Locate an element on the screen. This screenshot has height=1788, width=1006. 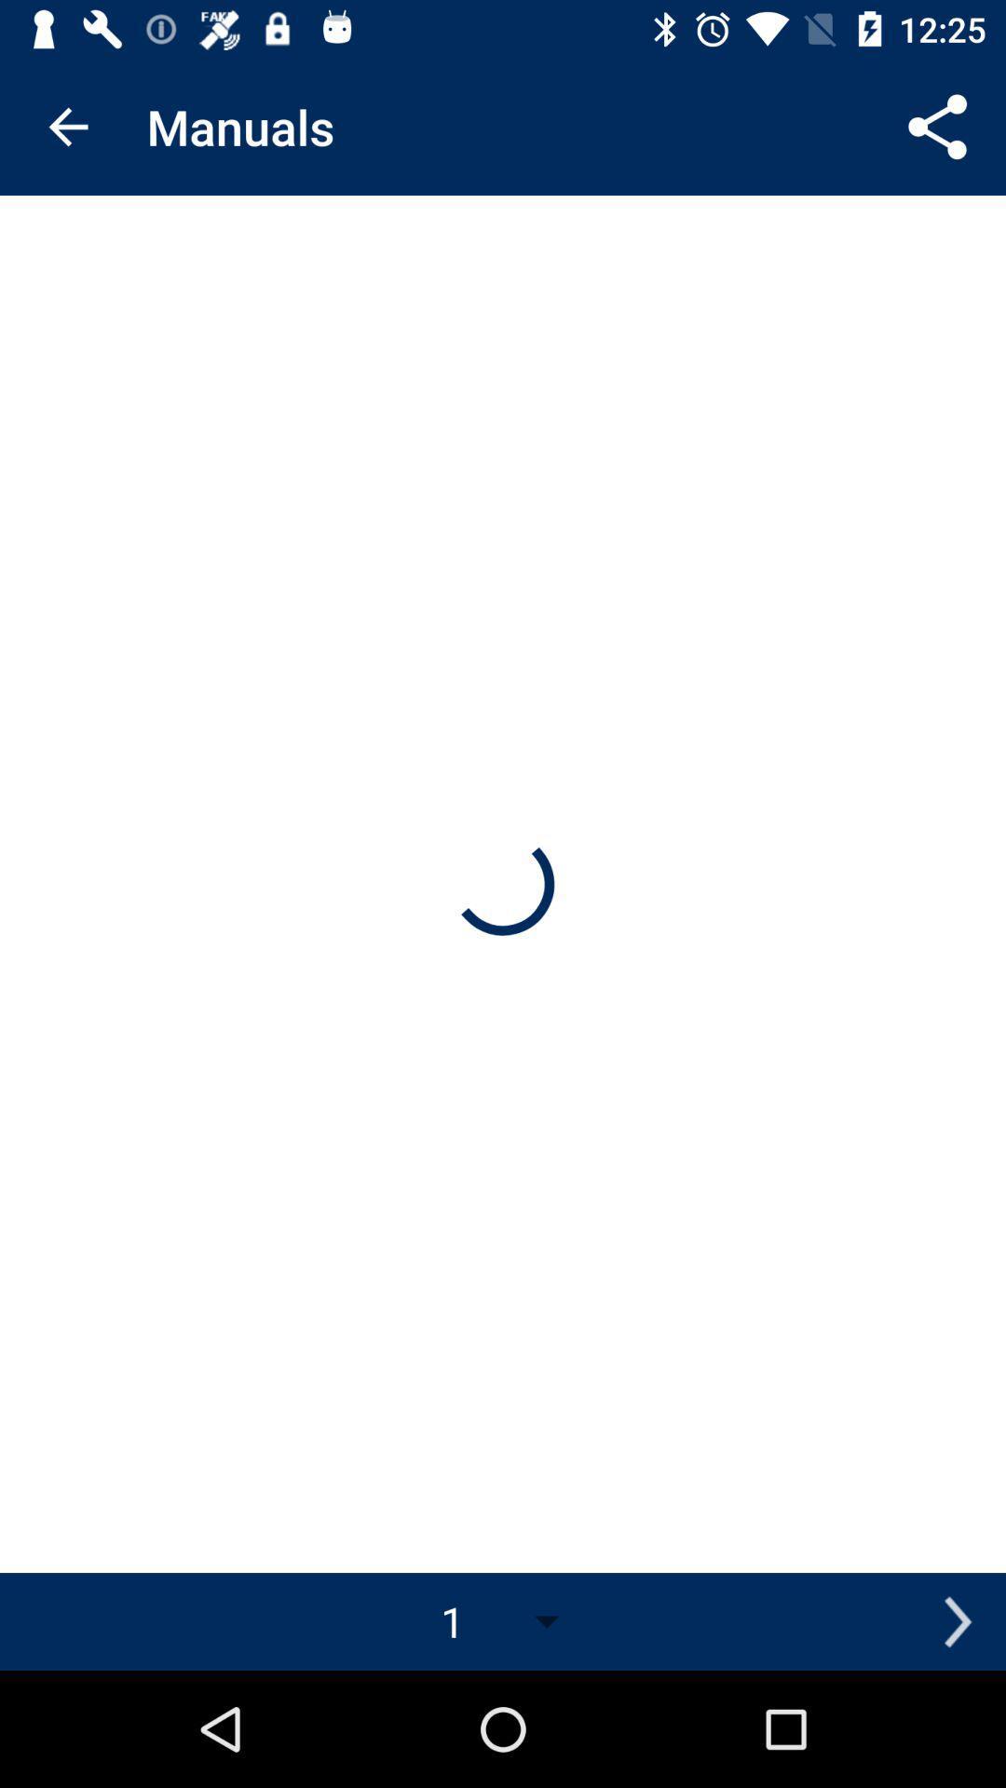
app to the left of manuals app is located at coordinates (67, 126).